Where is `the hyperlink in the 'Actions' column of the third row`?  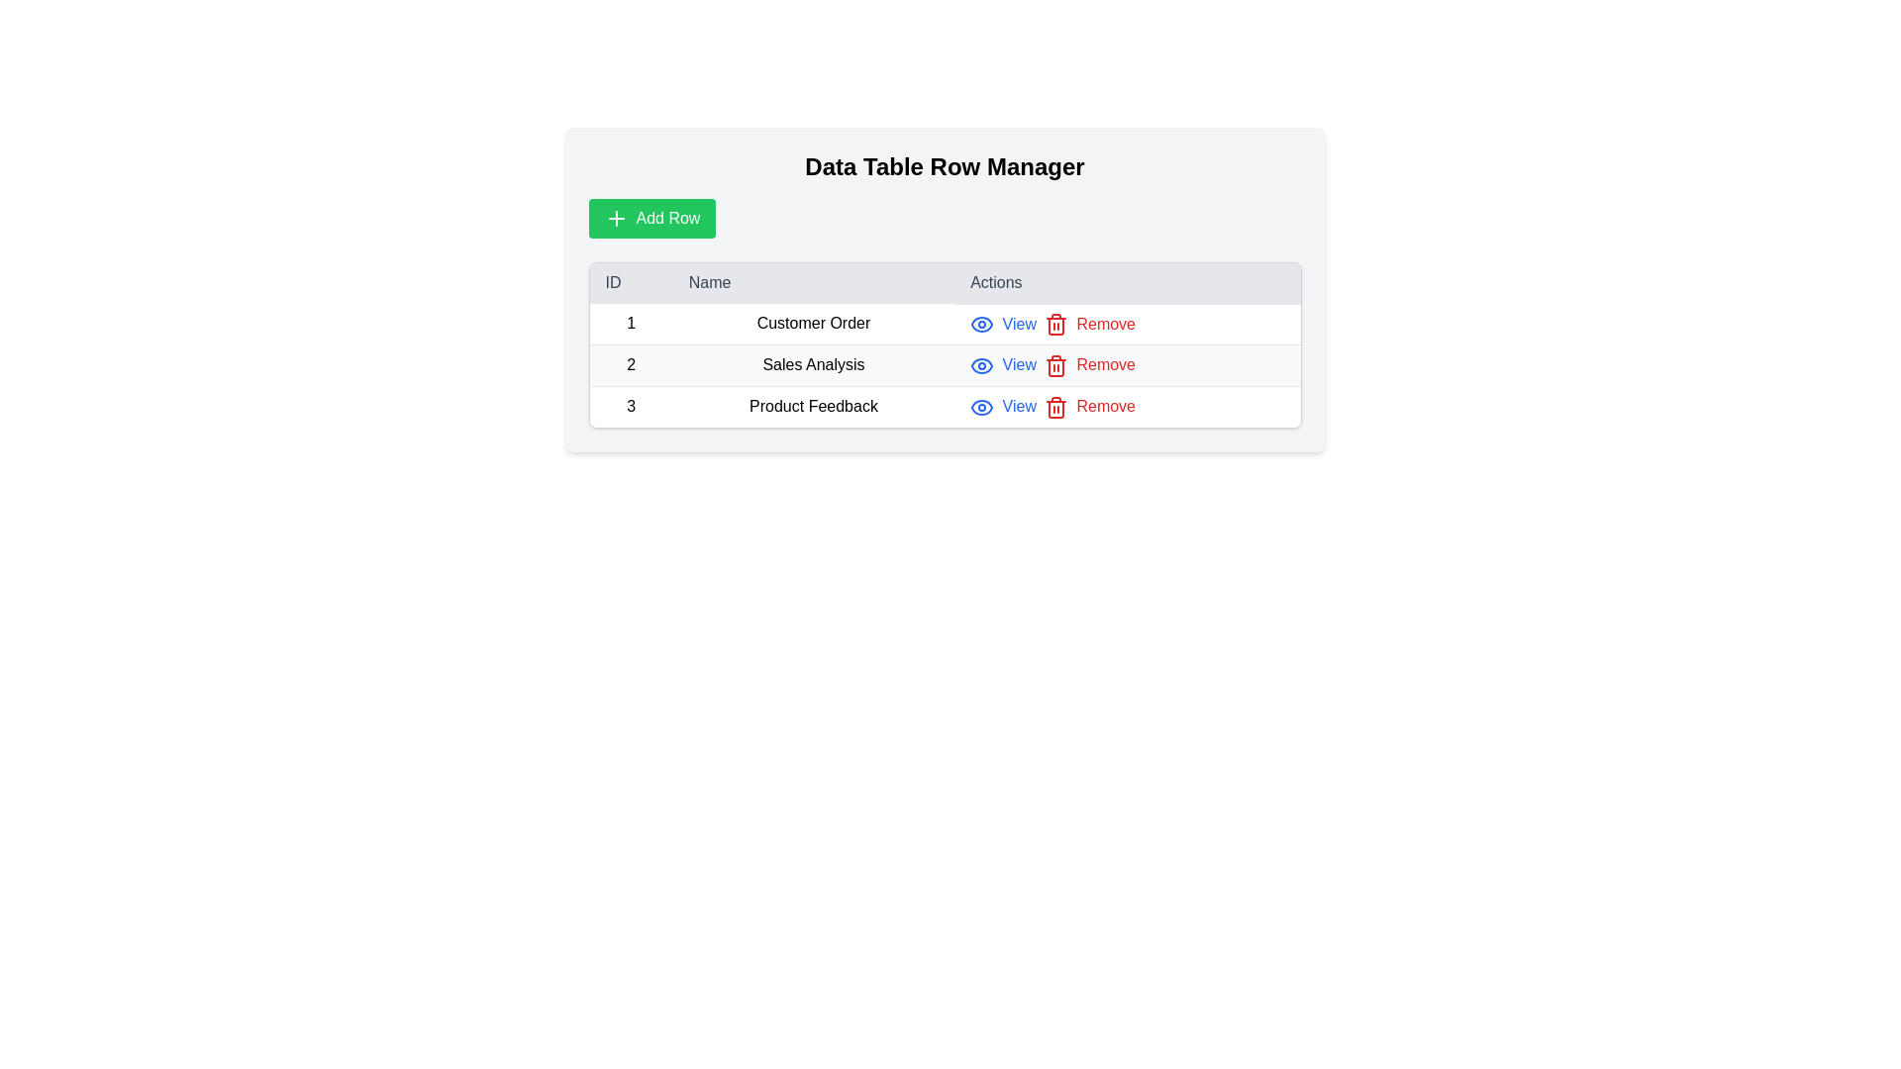 the hyperlink in the 'Actions' column of the third row is located at coordinates (1003, 406).